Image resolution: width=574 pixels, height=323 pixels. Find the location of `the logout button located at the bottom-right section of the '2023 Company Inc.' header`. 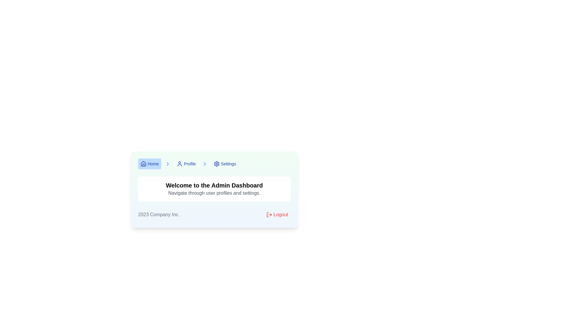

the logout button located at the bottom-right section of the '2023 Company Inc.' header is located at coordinates (277, 214).